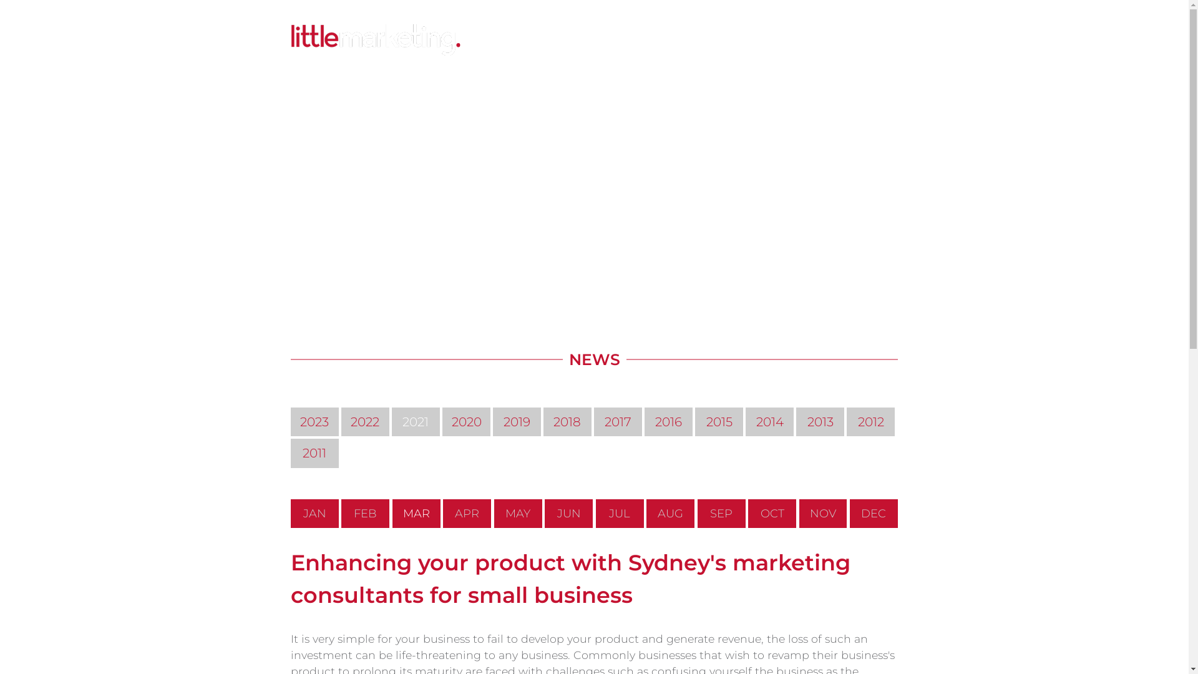 The height and width of the screenshot is (674, 1198). What do you see at coordinates (521, 40) in the screenshot?
I see `'SERVICES'` at bounding box center [521, 40].